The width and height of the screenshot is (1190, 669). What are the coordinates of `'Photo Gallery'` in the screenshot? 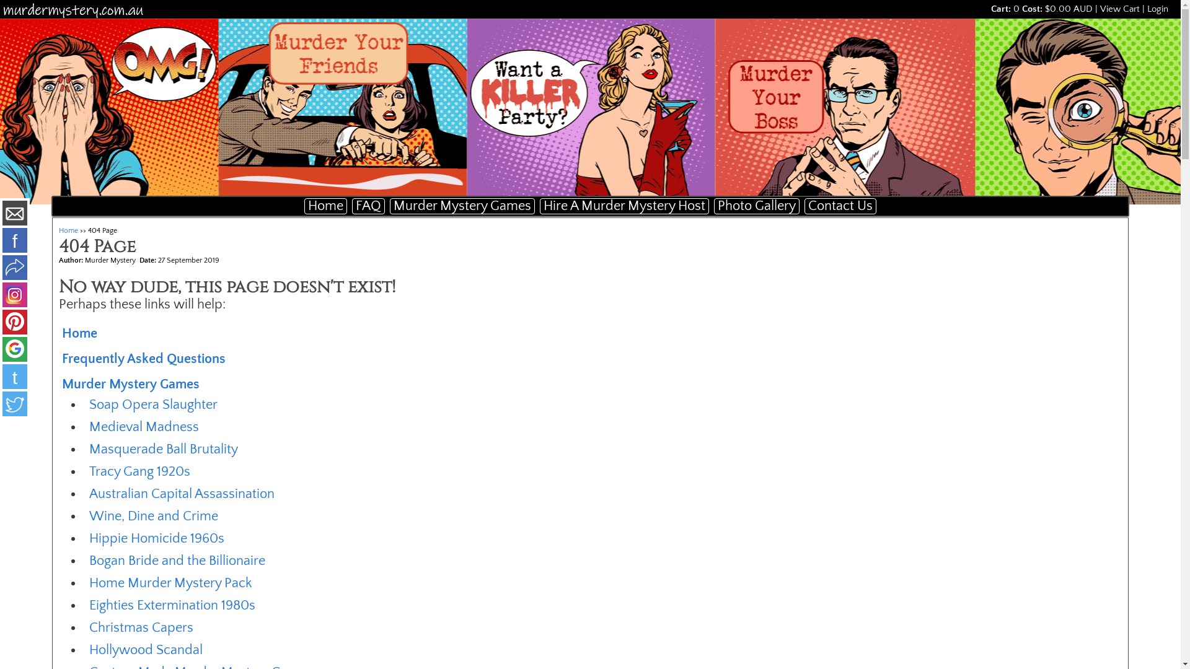 It's located at (756, 205).